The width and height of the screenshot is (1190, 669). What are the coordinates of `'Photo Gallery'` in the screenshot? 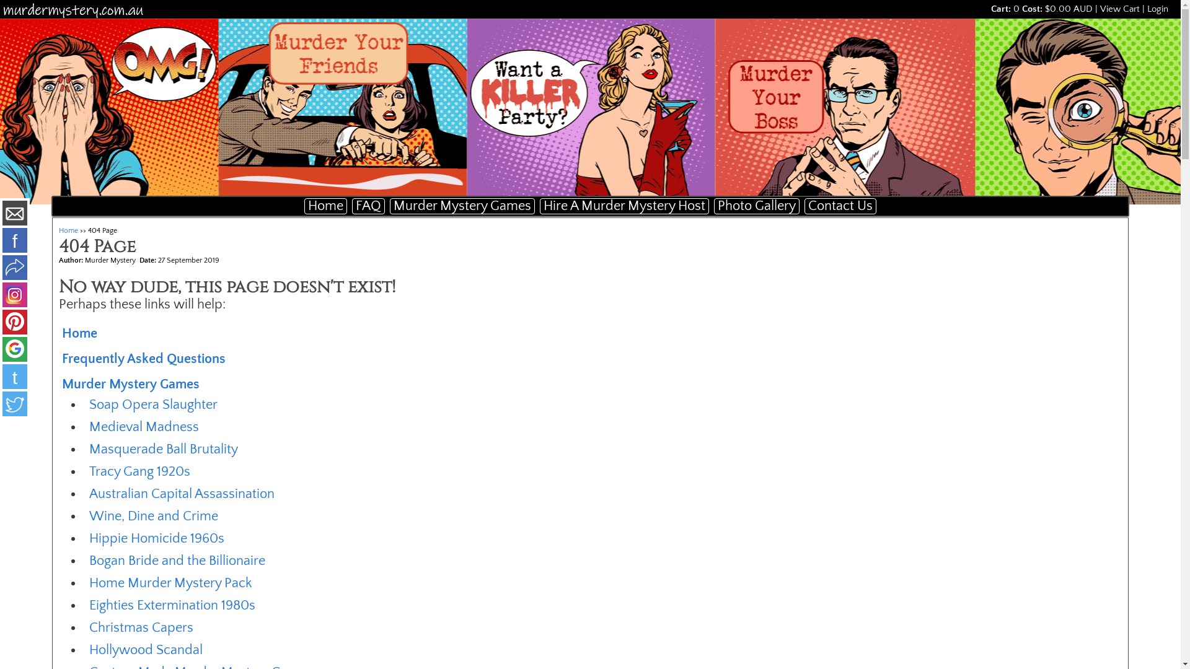 It's located at (756, 205).